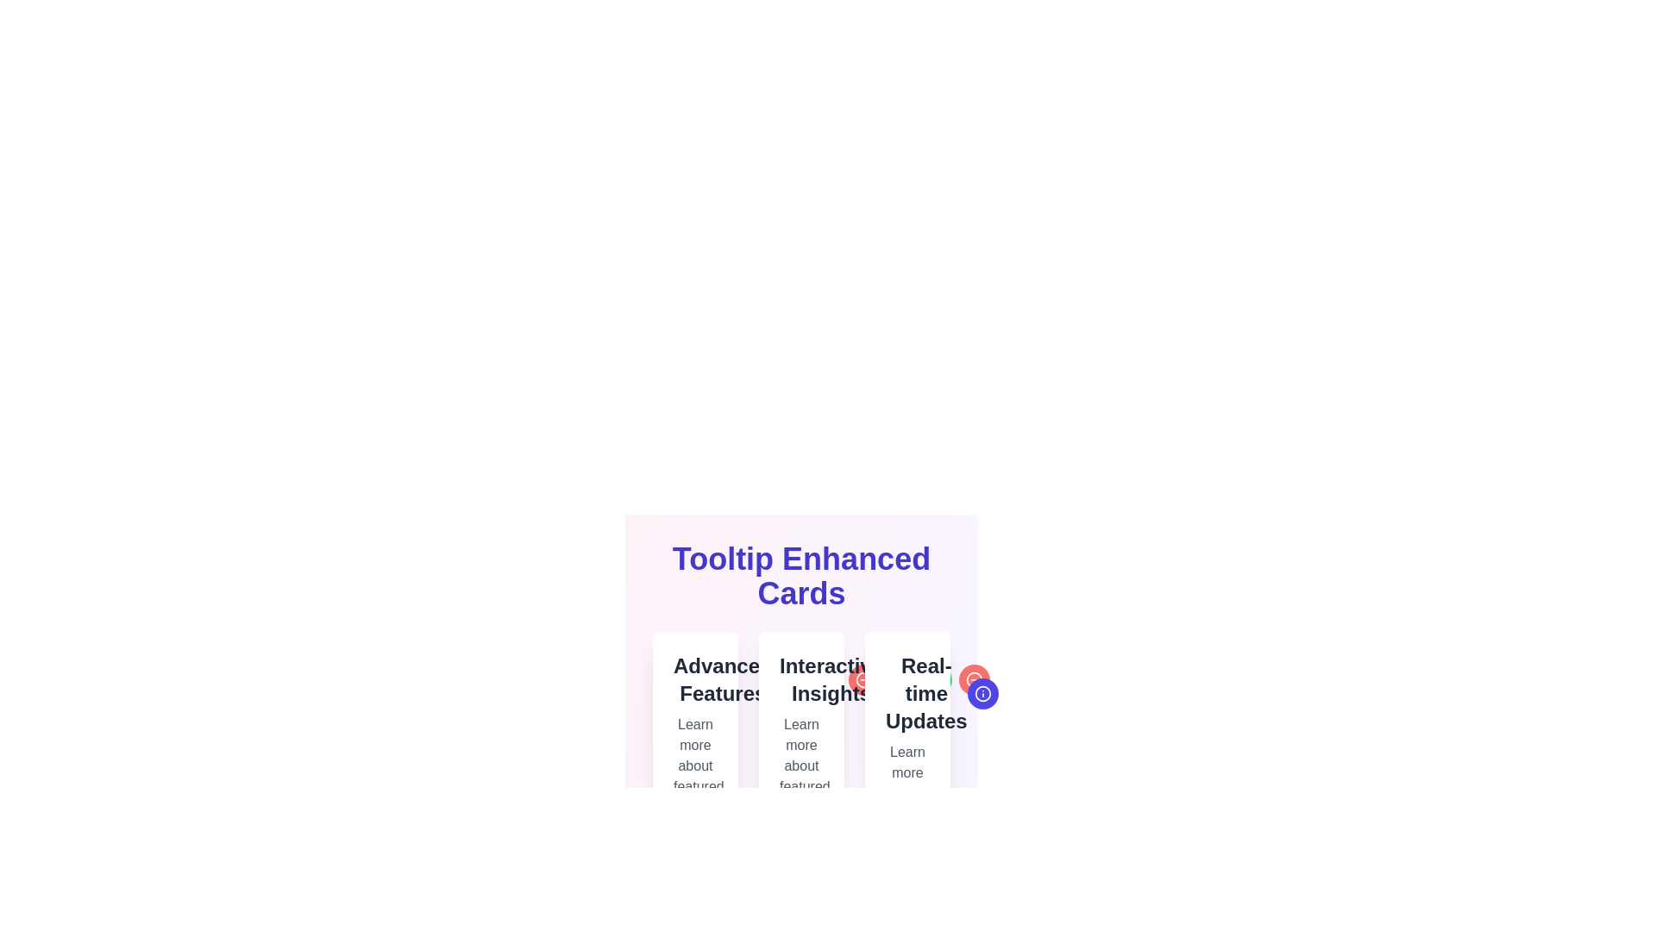 This screenshot has width=1656, height=931. I want to click on the 'Add' or 'Create' action button, which is the second button in a horizontal group of three buttons, so click(1020, 693).